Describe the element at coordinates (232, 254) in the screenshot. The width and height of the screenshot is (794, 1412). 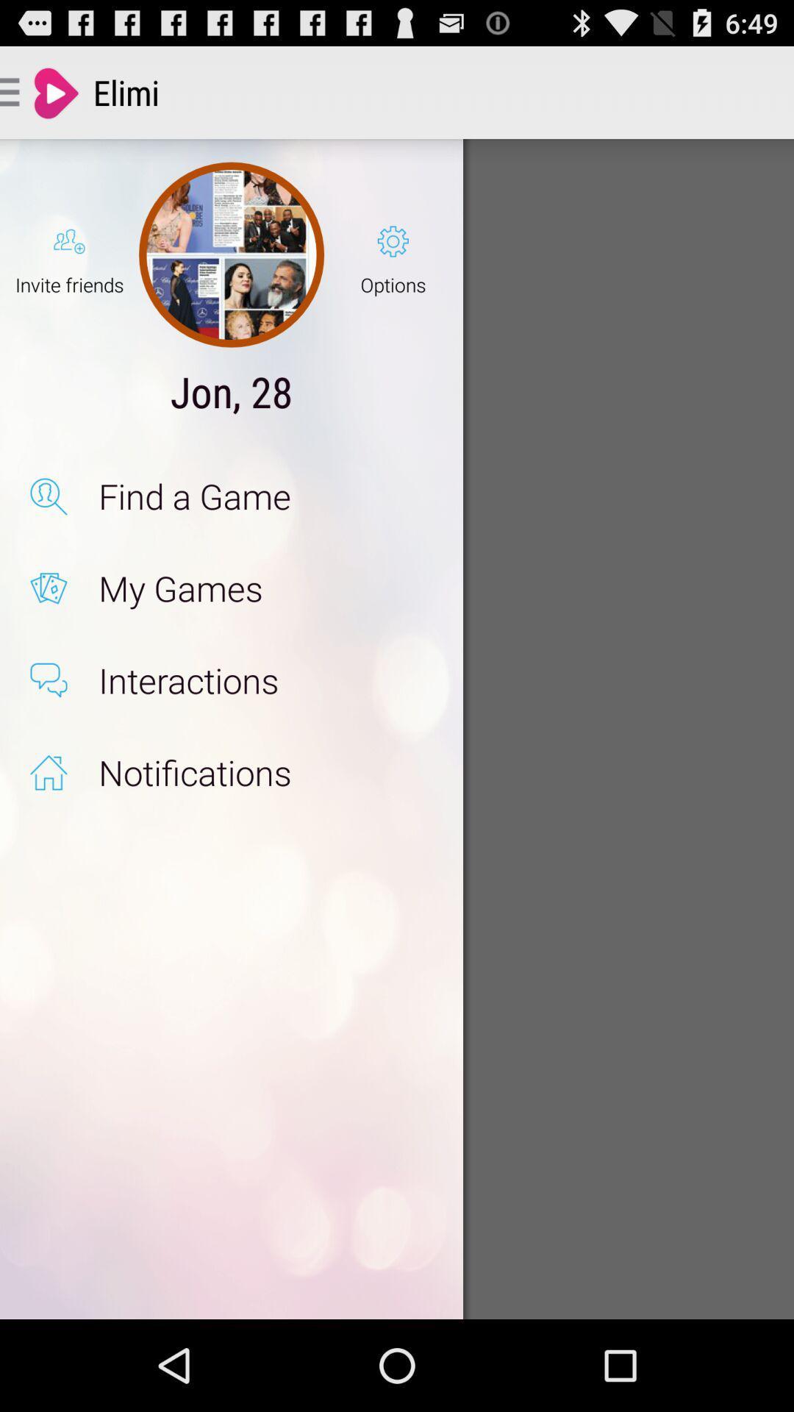
I see `the item above the jon, 28 icon` at that location.